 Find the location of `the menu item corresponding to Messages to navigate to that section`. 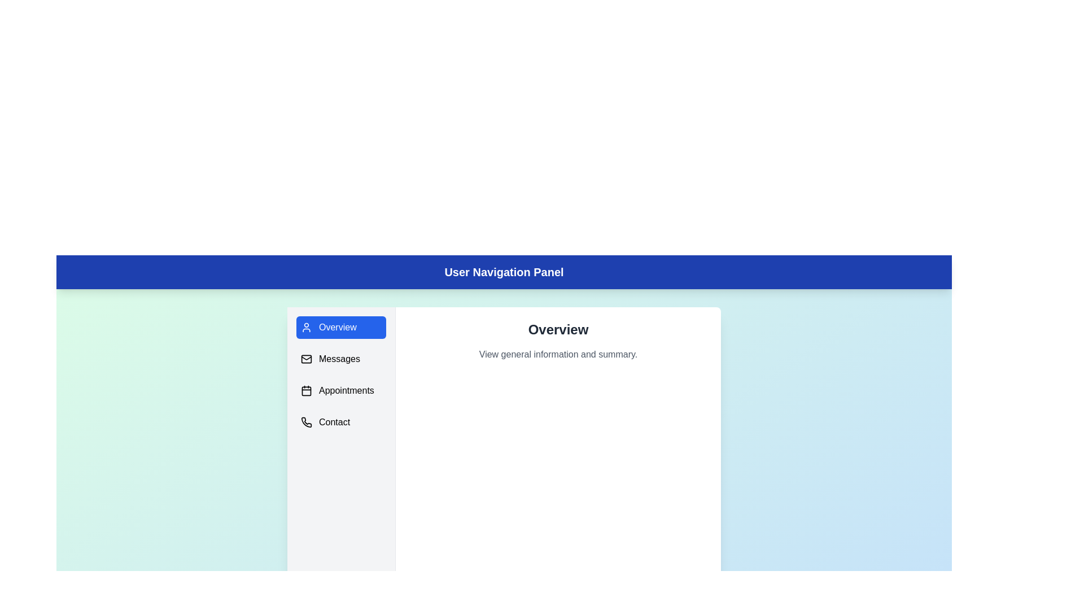

the menu item corresponding to Messages to navigate to that section is located at coordinates (340, 359).